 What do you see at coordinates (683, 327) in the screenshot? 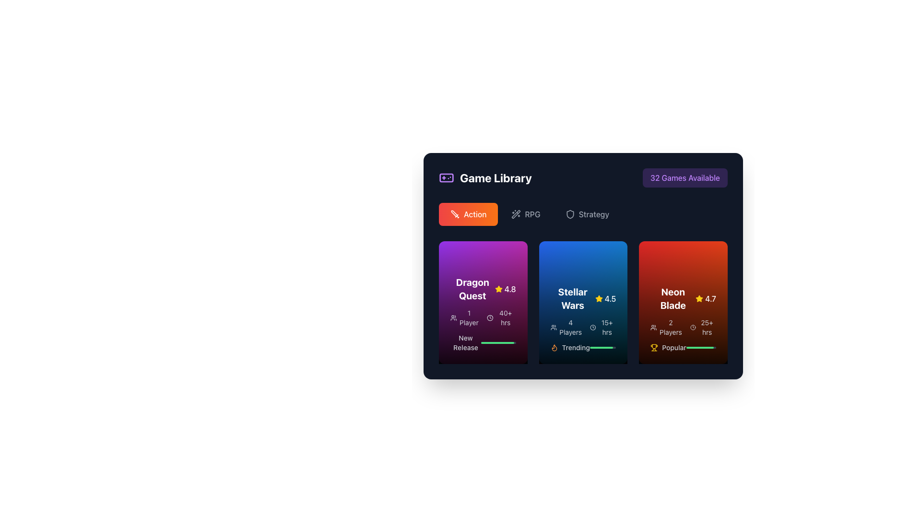
I see `the Information display element that shows '2 Players' and '25+ hrs' on the 'Neon Blade' card in the game library grid` at bounding box center [683, 327].